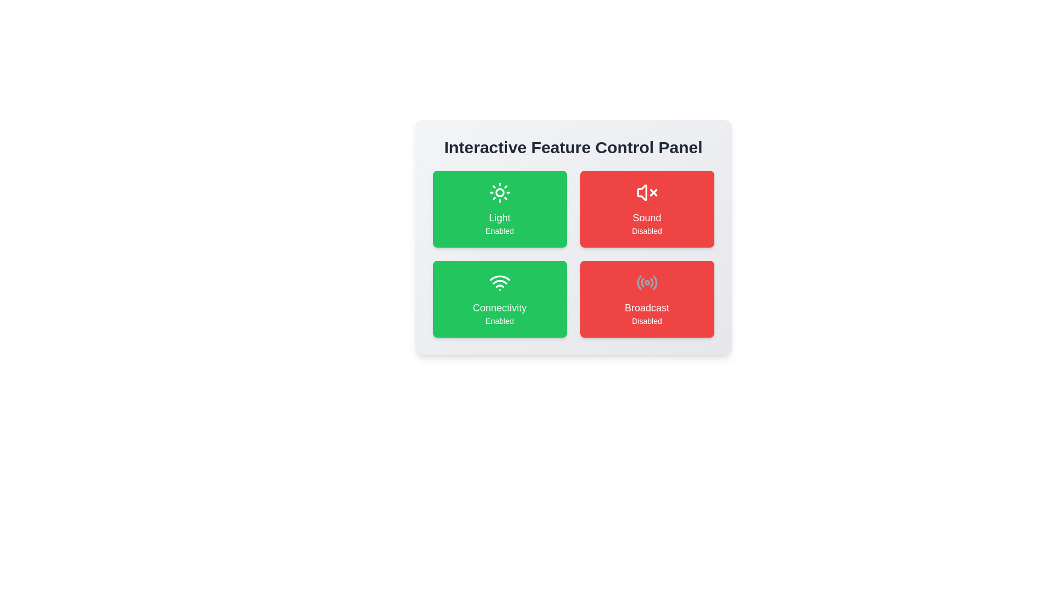 The image size is (1055, 593). I want to click on the feature card for Light to observe the hover effect, so click(499, 209).